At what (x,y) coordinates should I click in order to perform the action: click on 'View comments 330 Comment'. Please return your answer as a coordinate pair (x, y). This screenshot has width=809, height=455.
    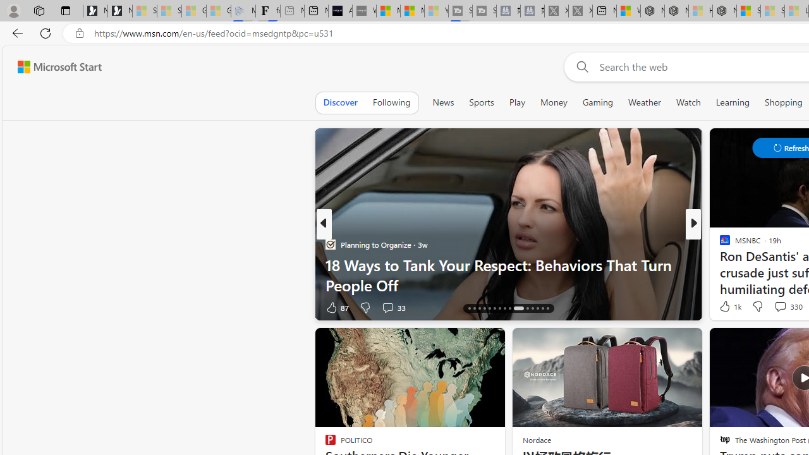
    Looking at the image, I should click on (787, 306).